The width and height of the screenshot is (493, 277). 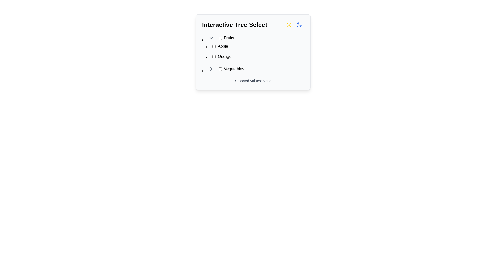 What do you see at coordinates (253, 56) in the screenshot?
I see `the 'Orange' checkbox located under the 'Fruits' category` at bounding box center [253, 56].